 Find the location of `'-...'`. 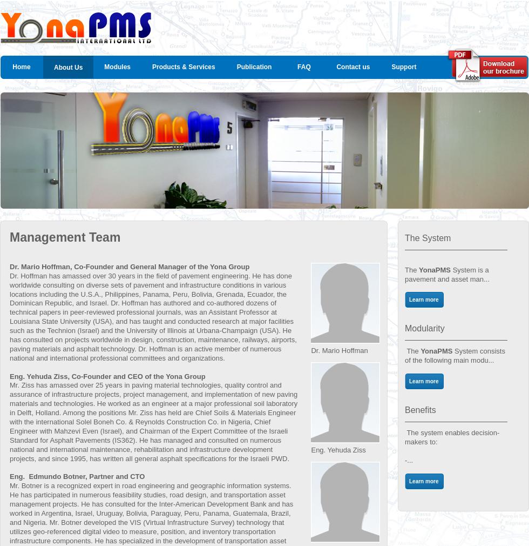

'-...' is located at coordinates (404, 460).